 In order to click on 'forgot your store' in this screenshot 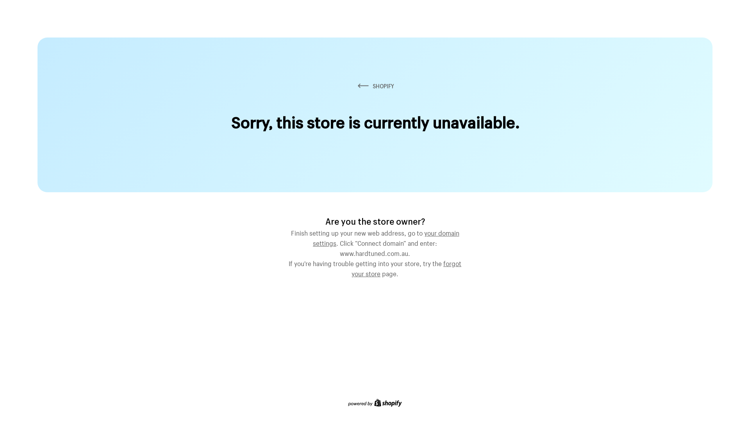, I will do `click(406, 267)`.